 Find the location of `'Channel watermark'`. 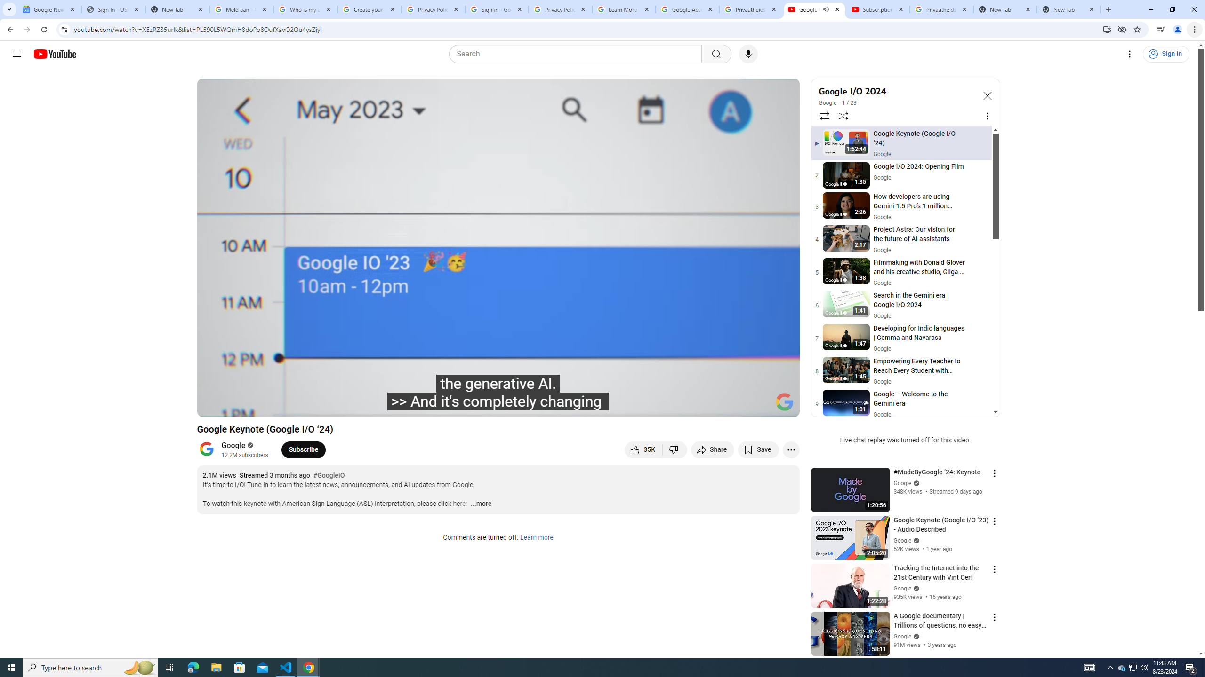

'Channel watermark' is located at coordinates (784, 401).